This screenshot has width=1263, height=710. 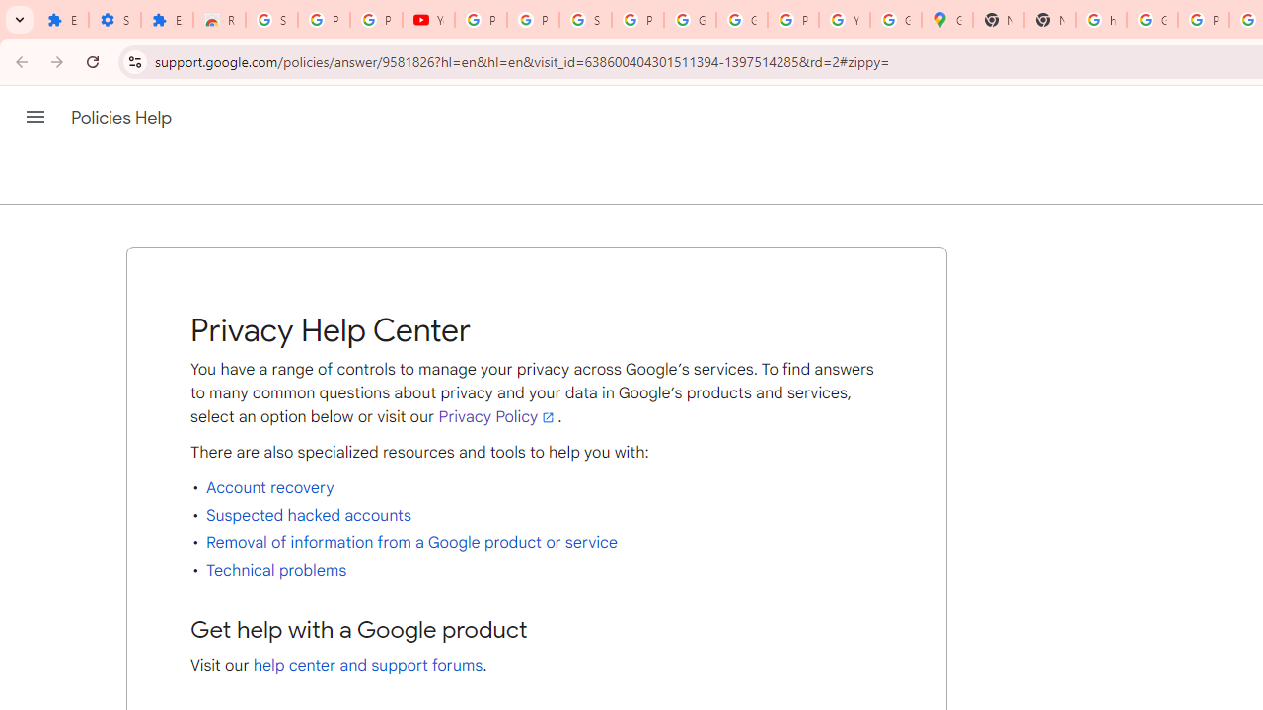 I want to click on 'Removal of information from a Google product or service', so click(x=410, y=542).